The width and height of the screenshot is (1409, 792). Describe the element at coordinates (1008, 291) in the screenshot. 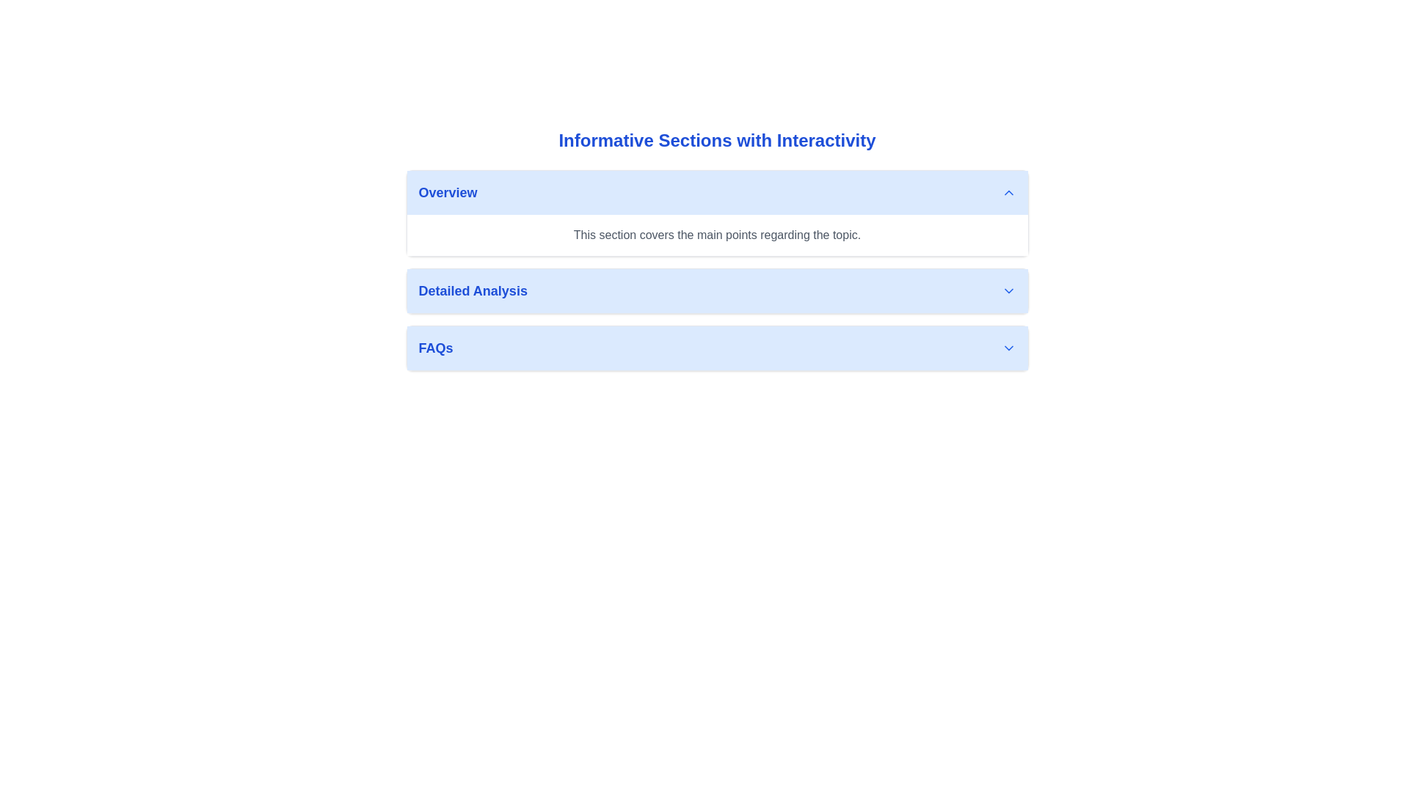

I see `the chevron icon on the right-hand side of the 'Detailed Analysis' section header` at that location.